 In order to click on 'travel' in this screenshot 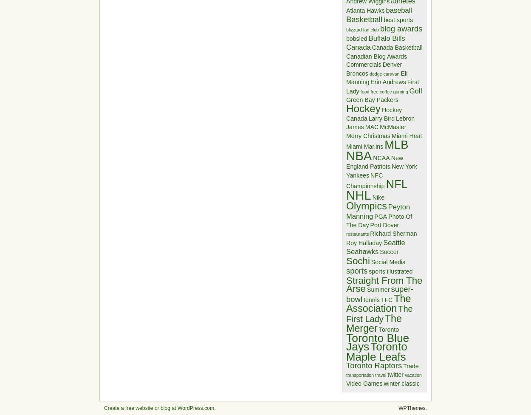, I will do `click(375, 375)`.